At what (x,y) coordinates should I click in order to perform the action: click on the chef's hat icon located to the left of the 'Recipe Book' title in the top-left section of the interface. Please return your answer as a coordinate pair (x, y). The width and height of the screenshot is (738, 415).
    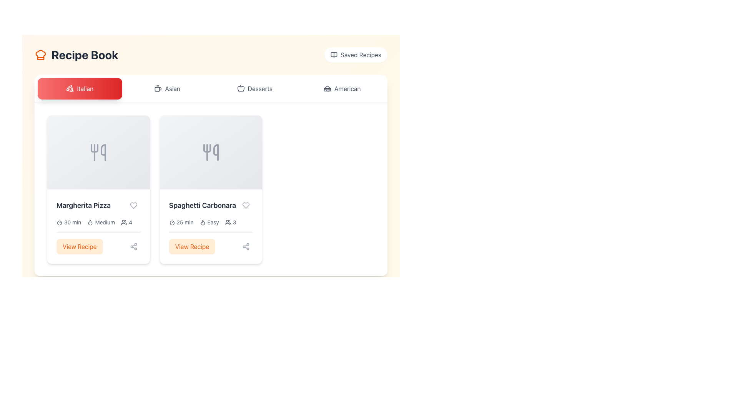
    Looking at the image, I should click on (40, 54).